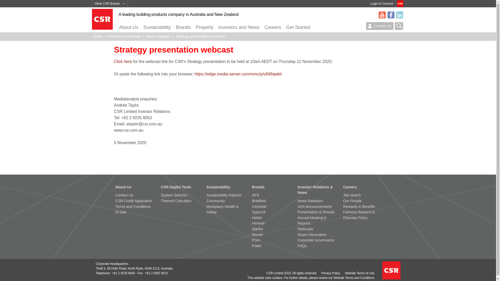  What do you see at coordinates (315, 190) in the screenshot?
I see `'Investor Relations & News'` at bounding box center [315, 190].